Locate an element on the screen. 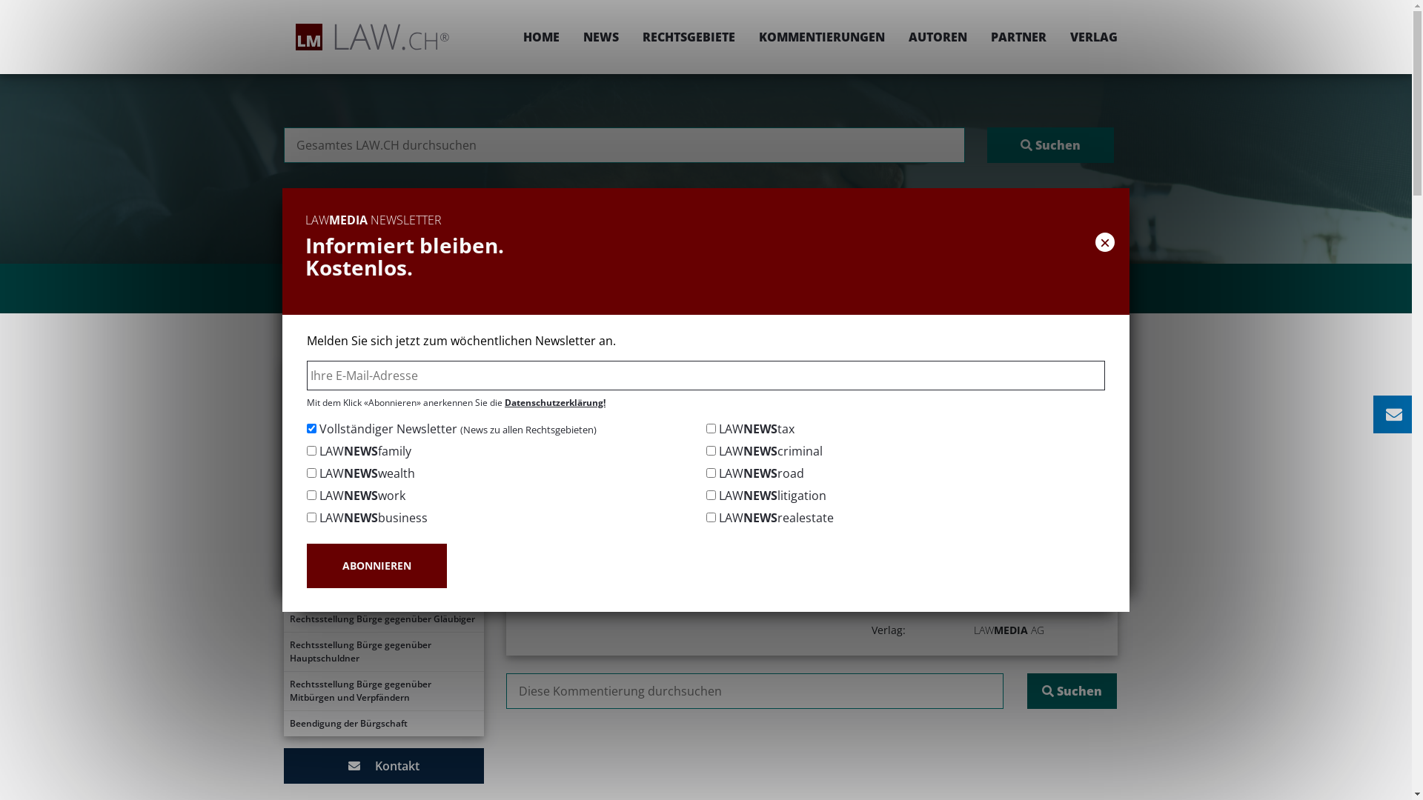 The width and height of the screenshot is (1423, 800). 'RECHTSGEBIETE' is located at coordinates (629, 36).